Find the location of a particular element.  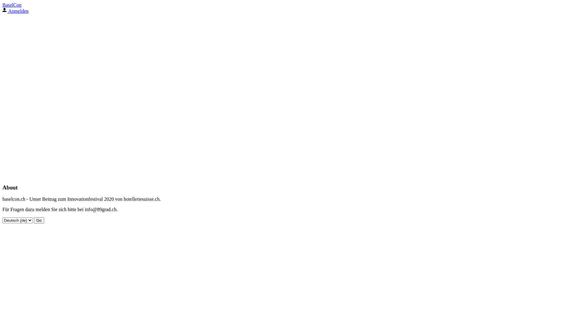

'Anmelden' is located at coordinates (16, 11).